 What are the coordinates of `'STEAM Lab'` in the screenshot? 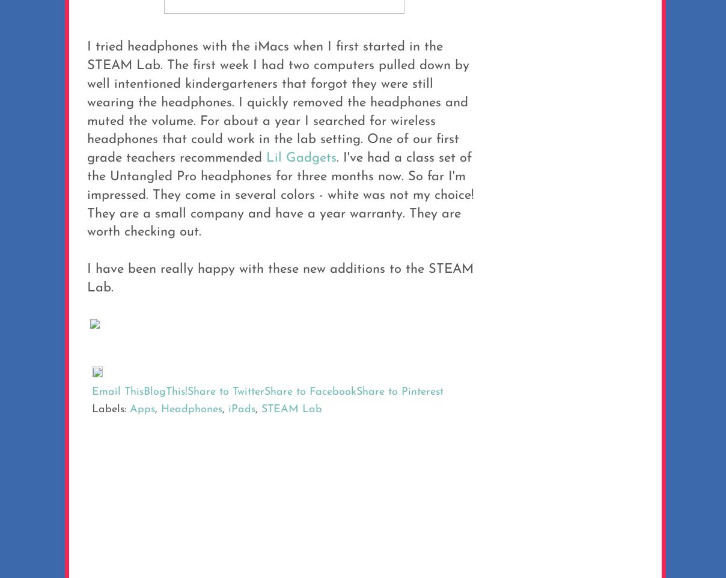 It's located at (291, 408).